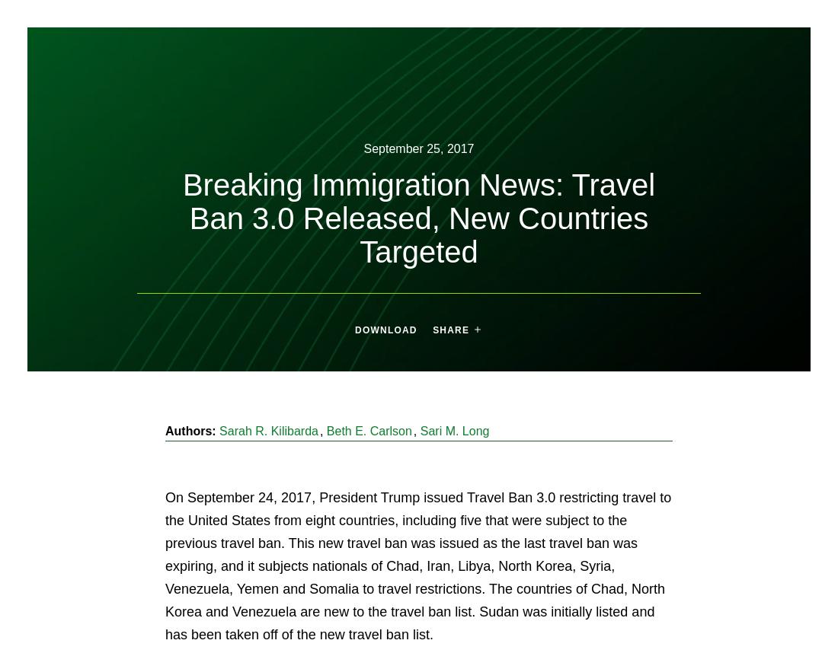 The width and height of the screenshot is (838, 669). What do you see at coordinates (385, 328) in the screenshot?
I see `'Download'` at bounding box center [385, 328].